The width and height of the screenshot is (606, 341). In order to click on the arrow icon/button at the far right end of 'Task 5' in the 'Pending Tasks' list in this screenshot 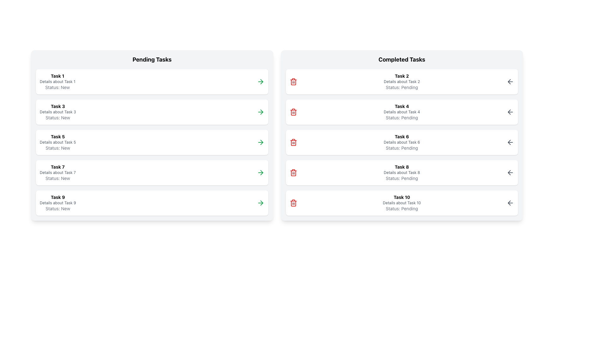, I will do `click(260, 142)`.